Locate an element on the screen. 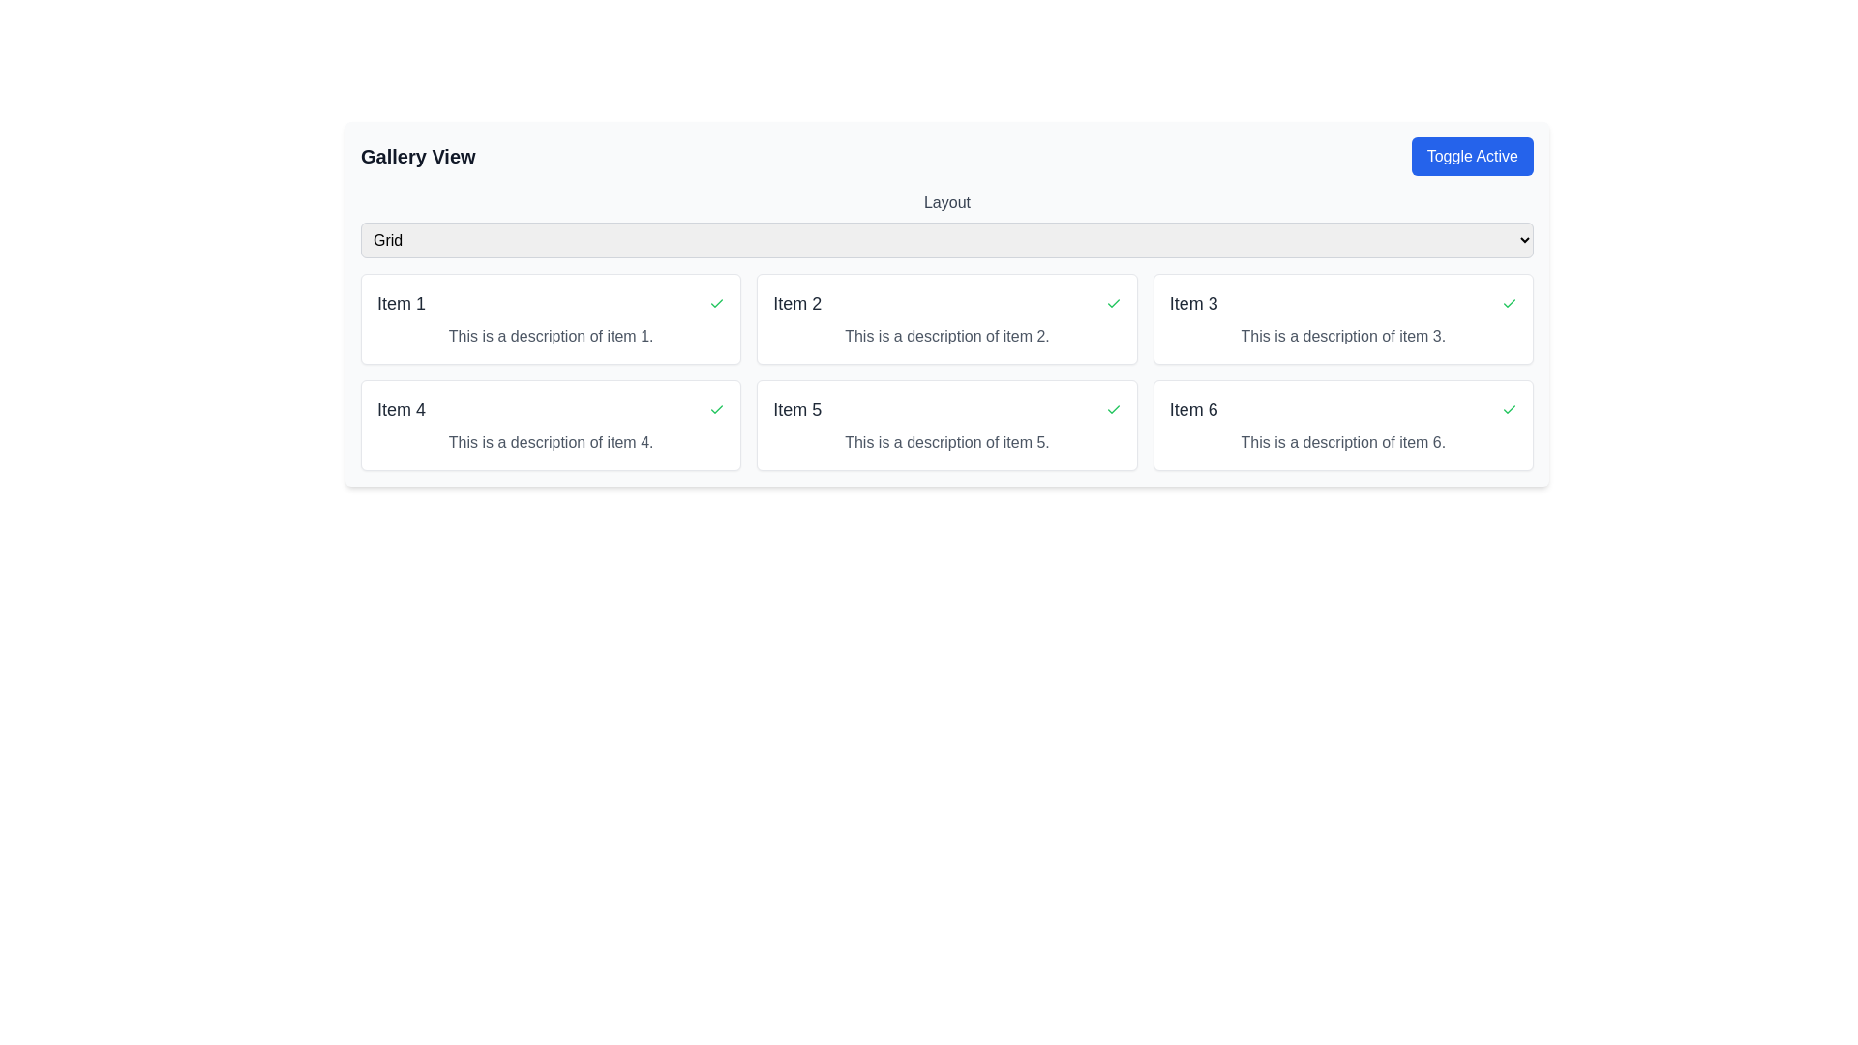 This screenshot has width=1858, height=1045. the green checkmark icon located on the right side of the 'Item 3' section in the grid layout is located at coordinates (1509, 303).